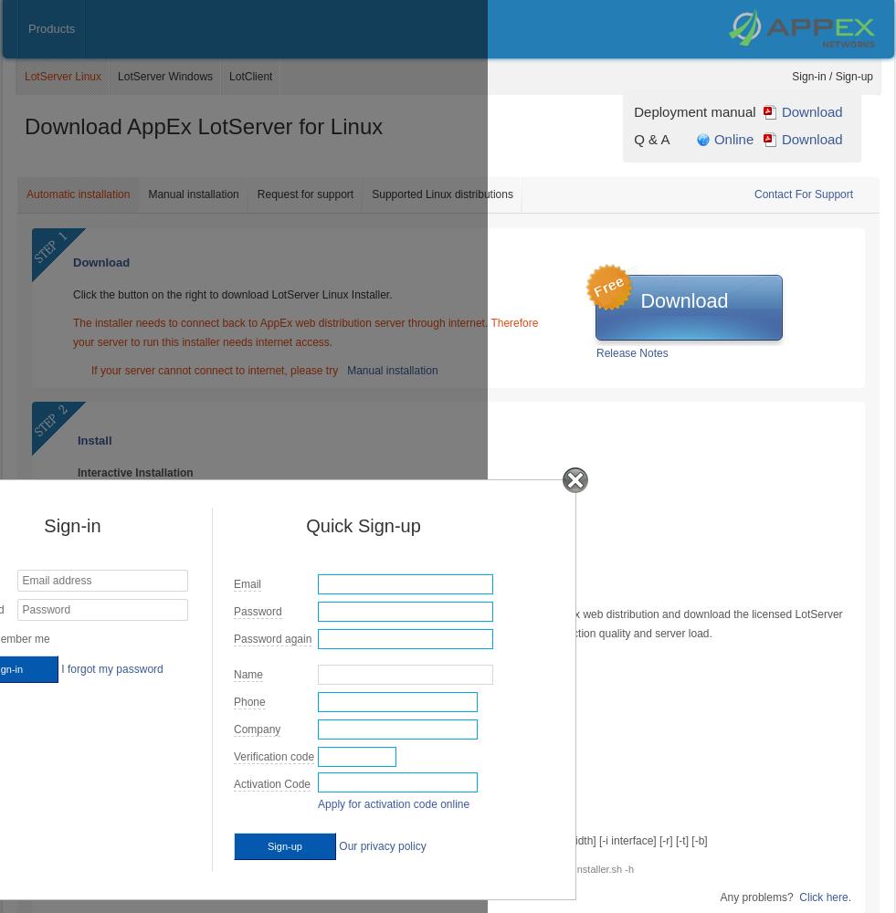 The width and height of the screenshot is (896, 913). Describe the element at coordinates (391, 841) in the screenshot. I see `'3. Run: bash lotServerInstaller.sh
												-e email -p password [-in inbound_bandwidth] [-out outbound_bandwidth] [-i interface] [-r] [-t] [-b]'` at that location.